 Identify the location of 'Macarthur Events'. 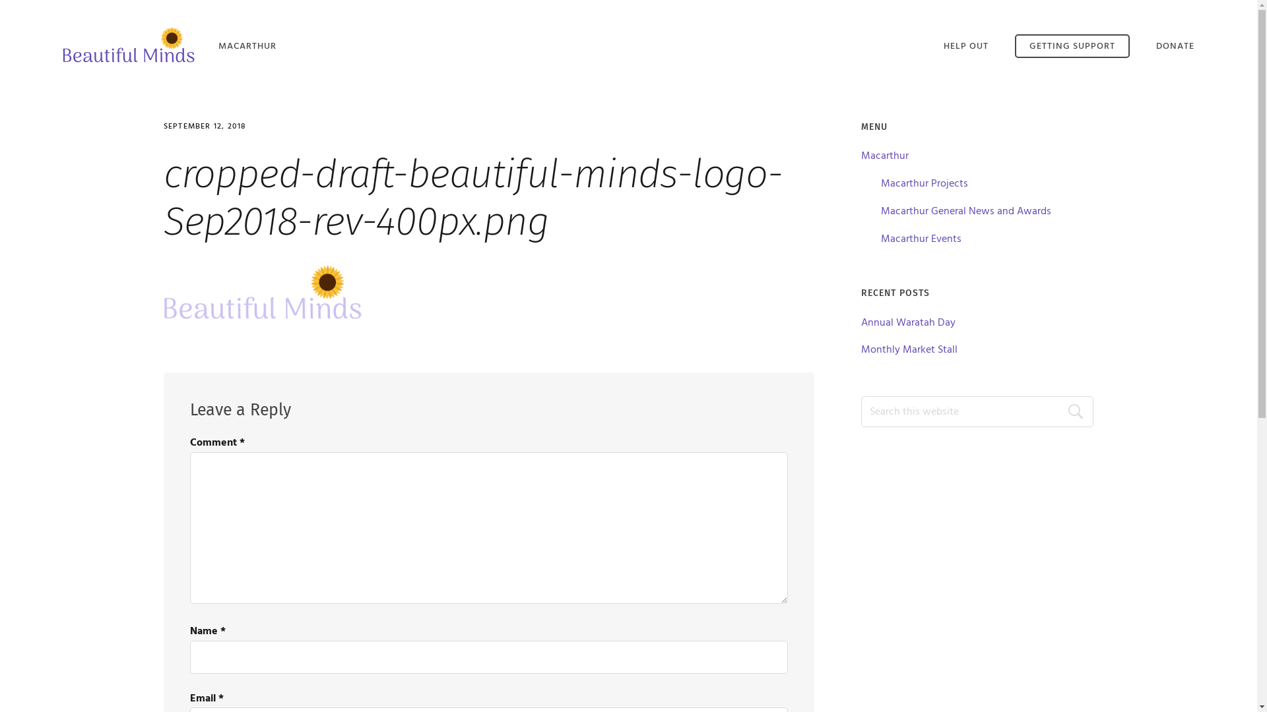
(921, 239).